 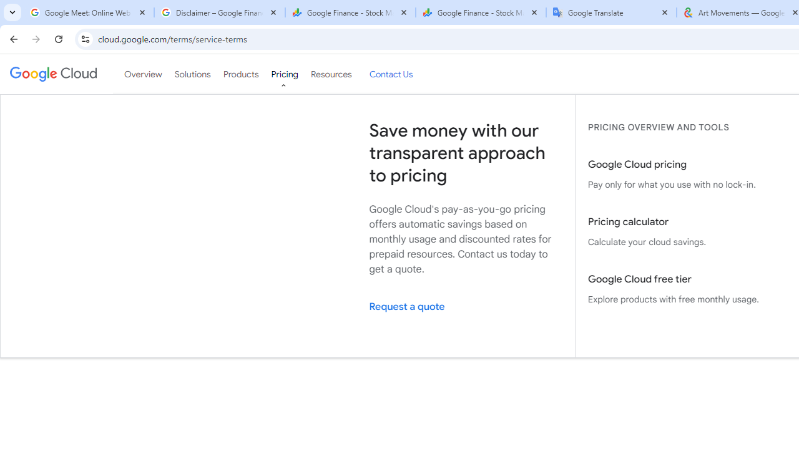 What do you see at coordinates (331, 74) in the screenshot?
I see `'Resources'` at bounding box center [331, 74].